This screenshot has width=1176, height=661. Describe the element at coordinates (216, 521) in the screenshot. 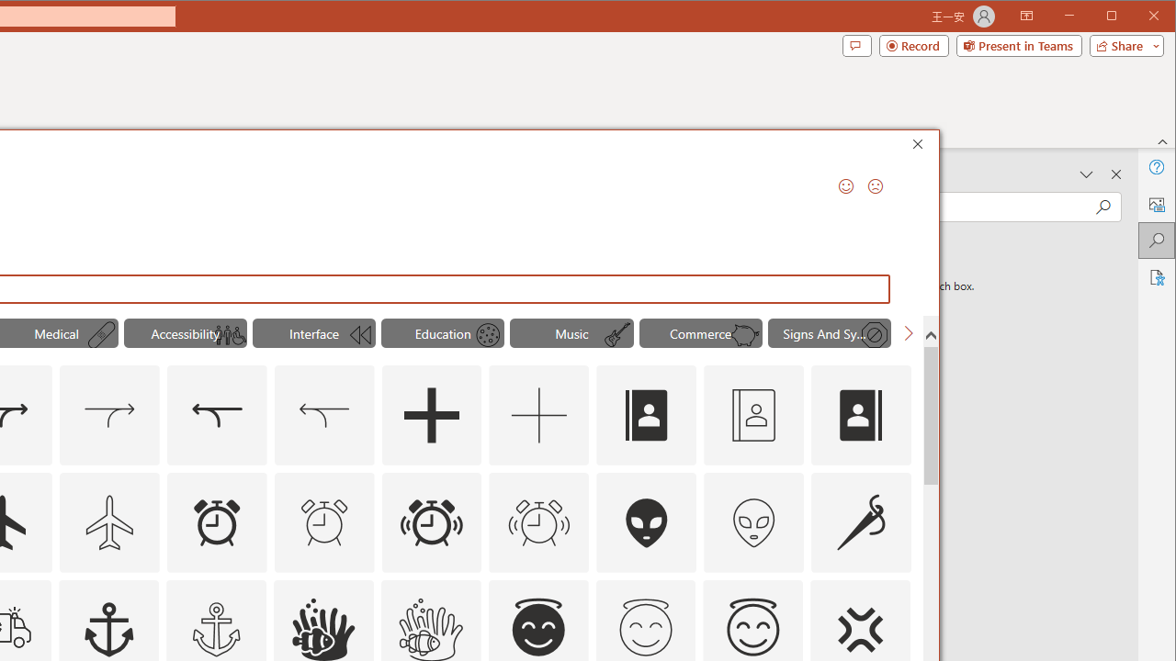

I see `'AutomationID: Icons_AlarmClock'` at that location.